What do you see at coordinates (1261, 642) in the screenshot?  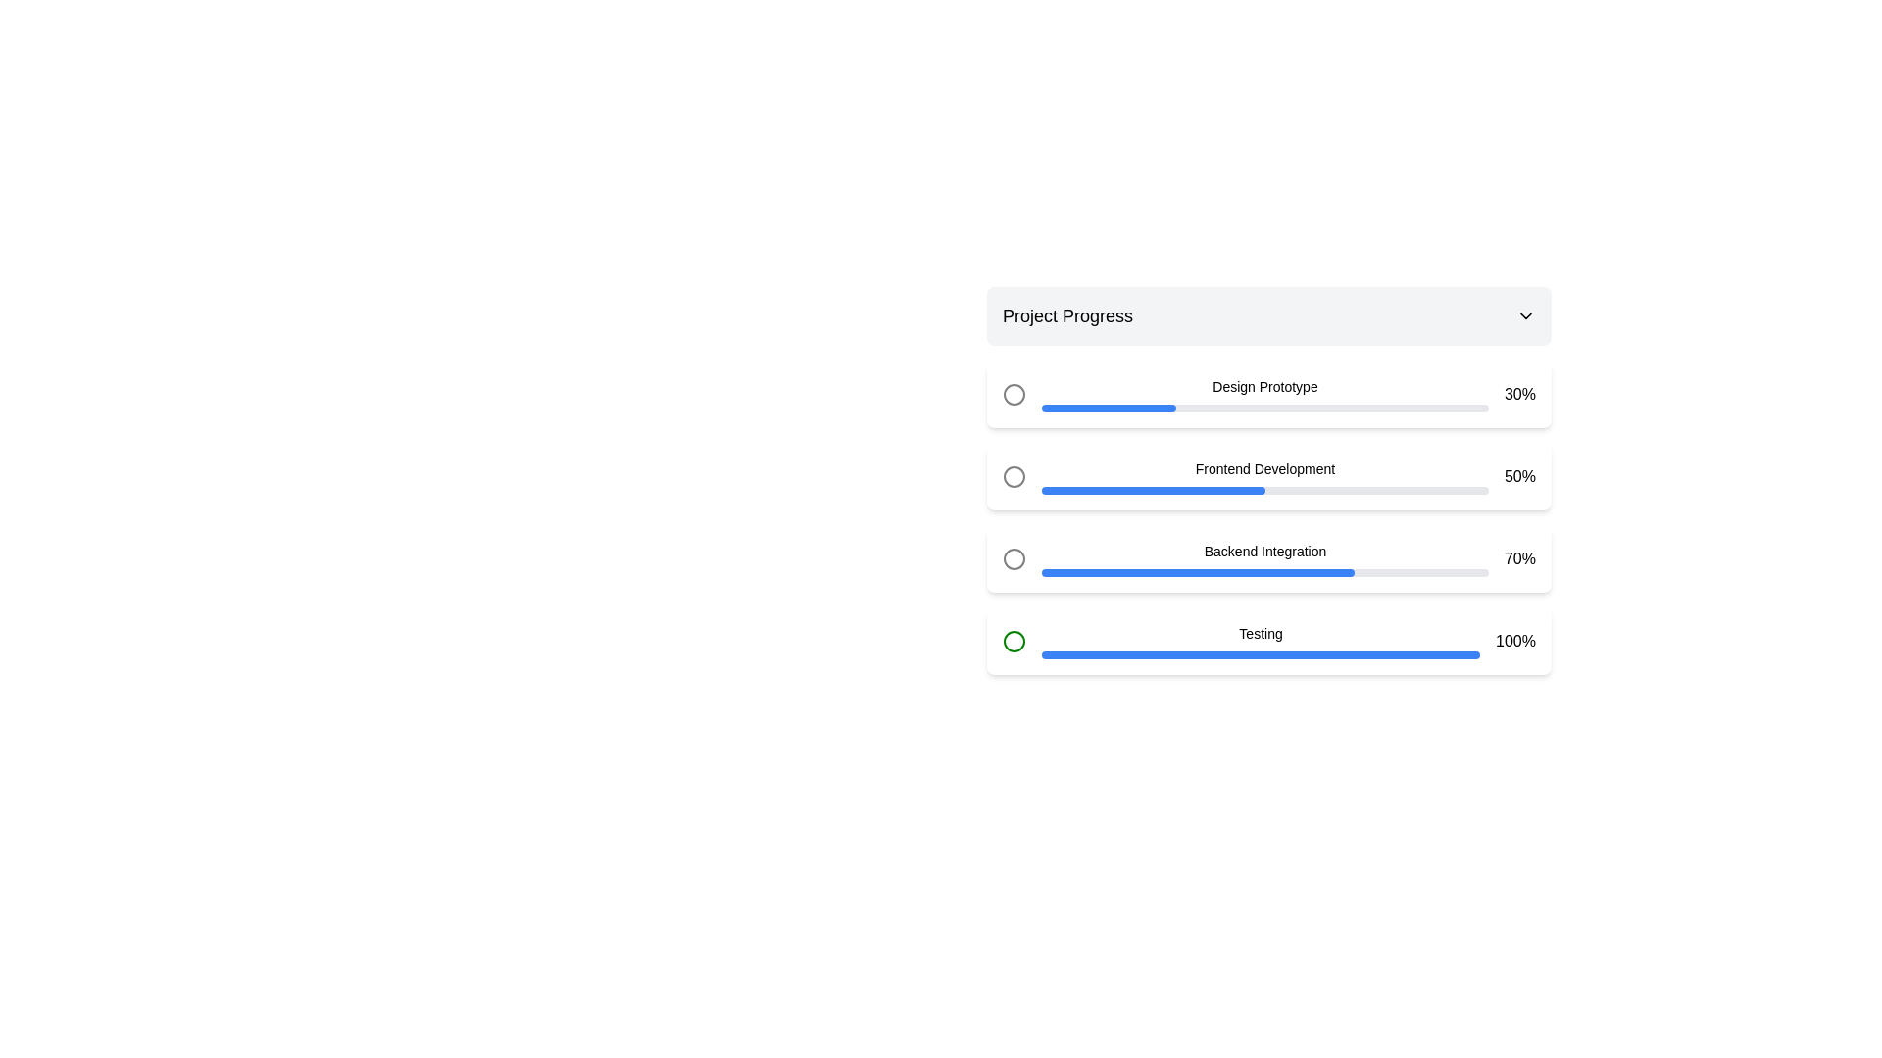 I see `the progress bar labeled 'Testing' which is centrally positioned` at bounding box center [1261, 642].